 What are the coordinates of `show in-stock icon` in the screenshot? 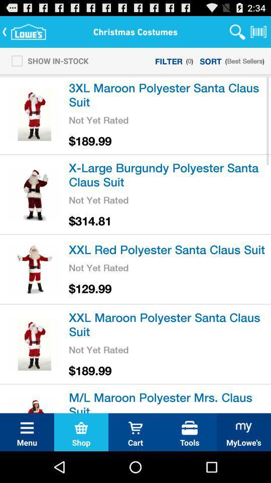 It's located at (47, 60).